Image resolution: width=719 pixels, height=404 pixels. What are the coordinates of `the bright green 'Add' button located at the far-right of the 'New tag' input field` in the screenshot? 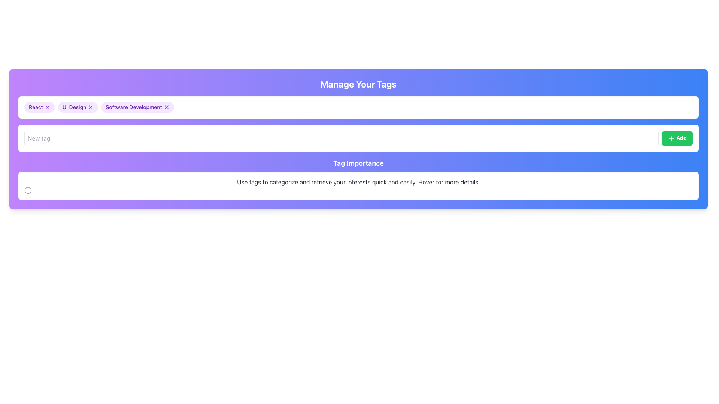 It's located at (677, 138).